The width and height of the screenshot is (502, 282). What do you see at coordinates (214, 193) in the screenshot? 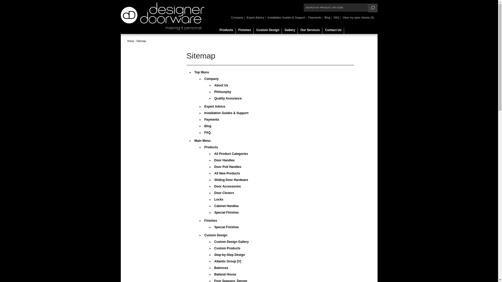
I see `'Door Closers'` at bounding box center [214, 193].